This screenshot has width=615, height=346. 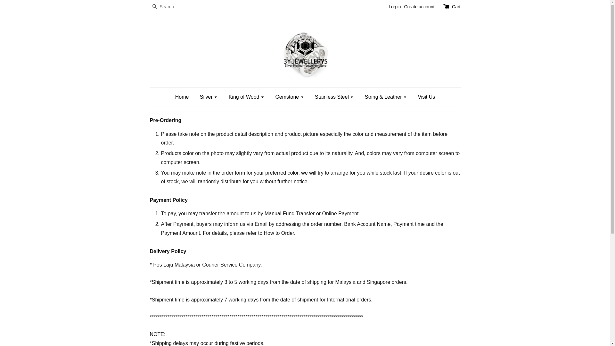 What do you see at coordinates (385, 97) in the screenshot?
I see `'String & Leather'` at bounding box center [385, 97].